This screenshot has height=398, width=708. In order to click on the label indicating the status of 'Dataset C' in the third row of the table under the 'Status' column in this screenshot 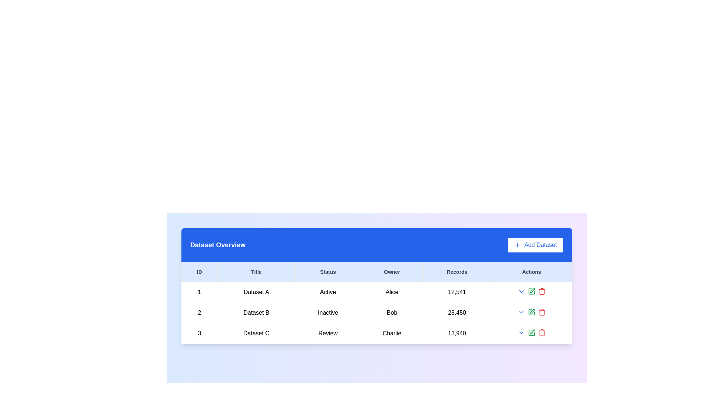, I will do `click(327, 334)`.